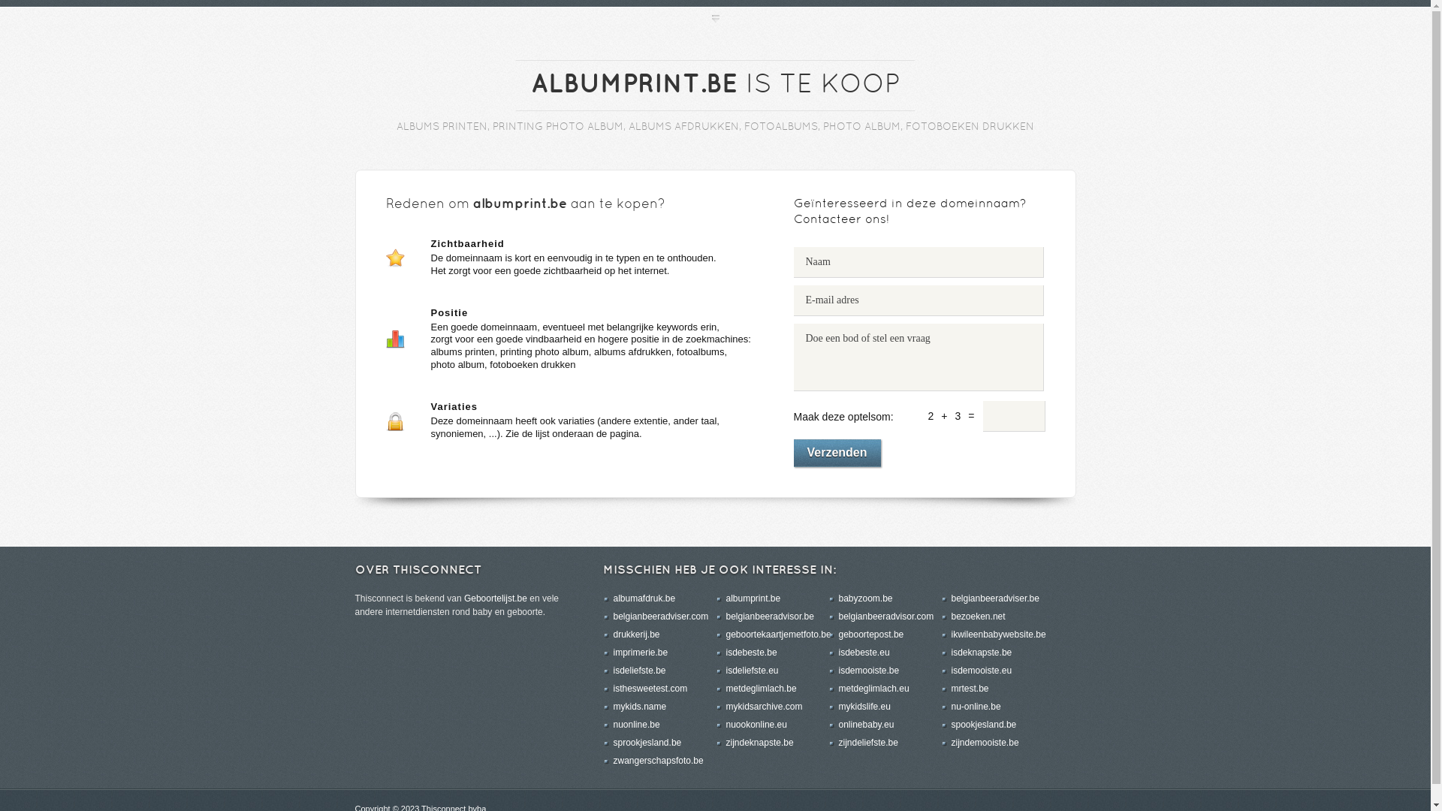  Describe the element at coordinates (764, 707) in the screenshot. I see `'mykidsarchive.com'` at that location.